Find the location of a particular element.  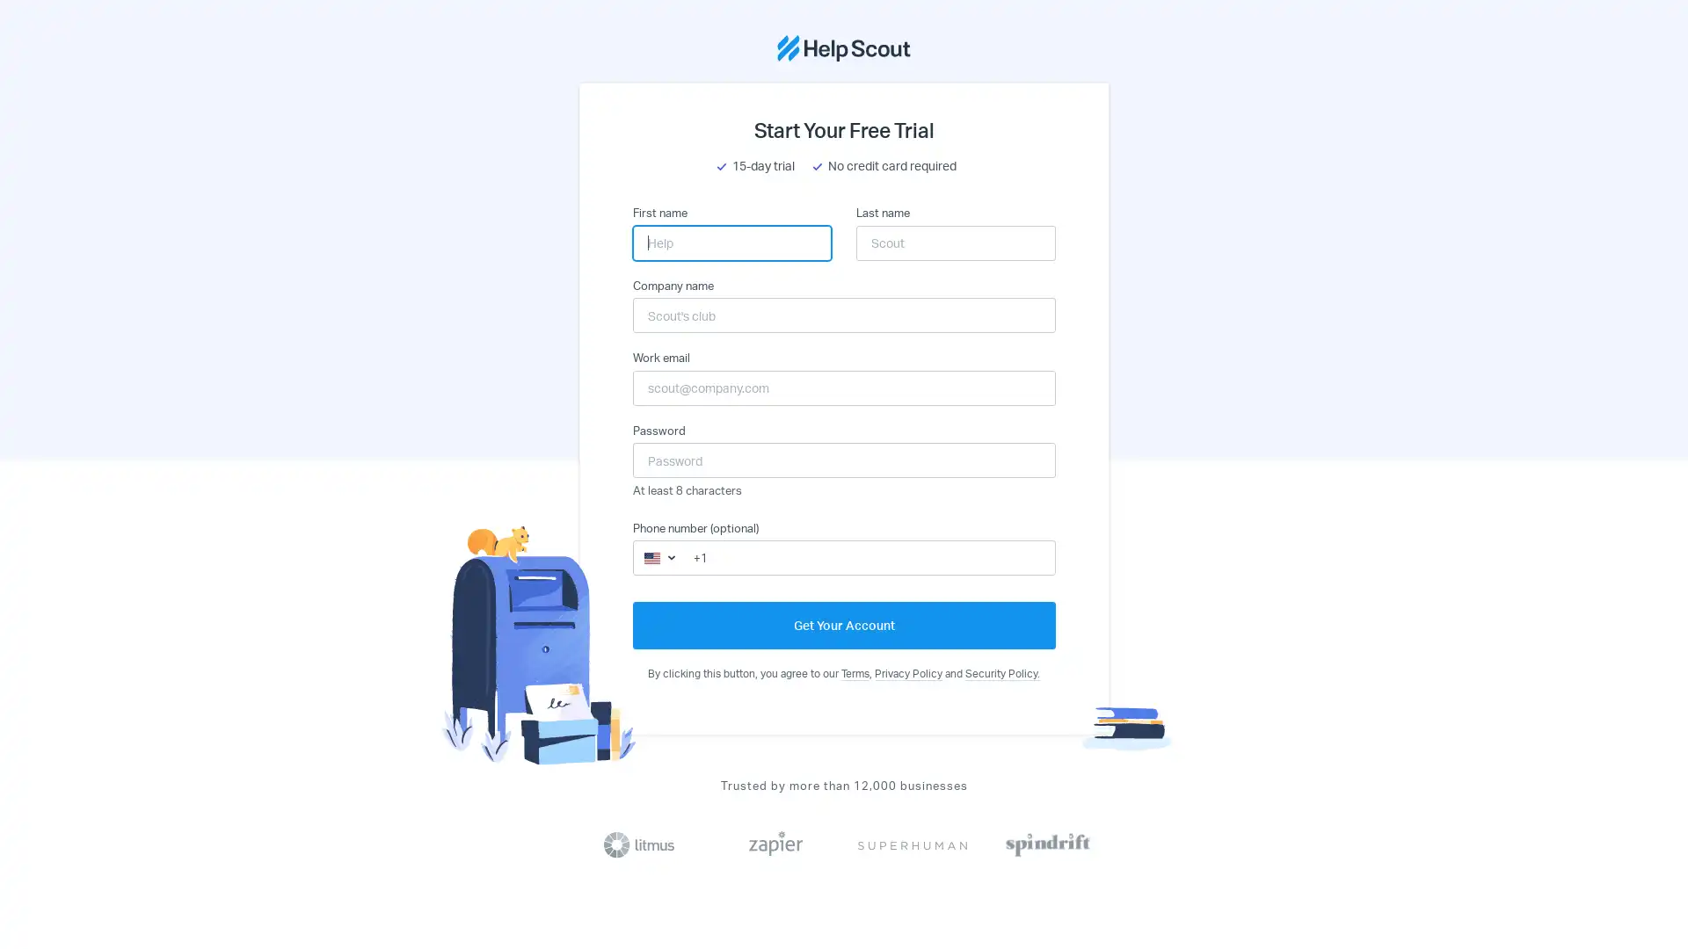

Get Your Account is located at coordinates (842, 625).